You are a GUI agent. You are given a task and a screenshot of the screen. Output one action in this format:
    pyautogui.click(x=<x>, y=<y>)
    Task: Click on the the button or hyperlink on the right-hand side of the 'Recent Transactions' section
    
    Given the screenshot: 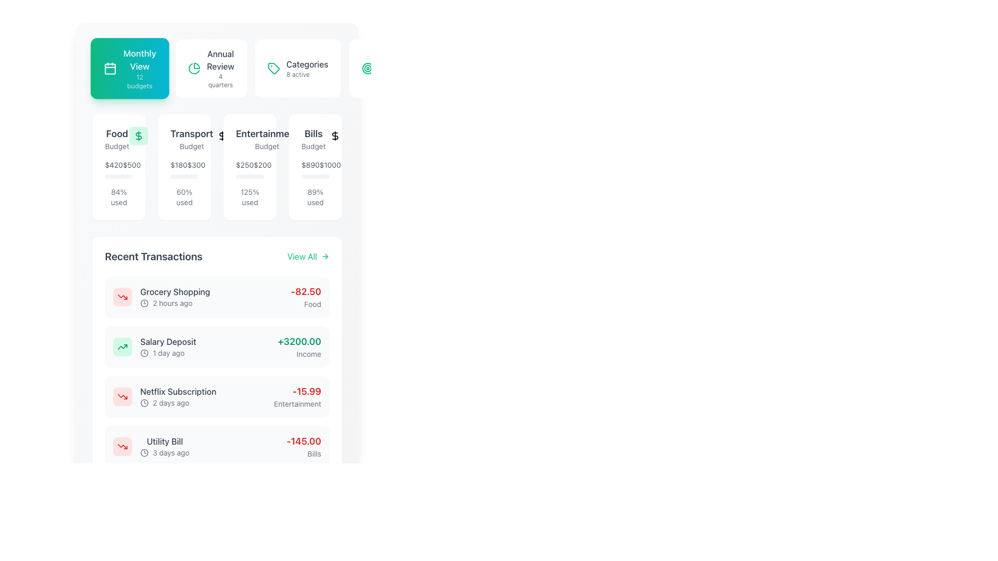 What is the action you would take?
    pyautogui.click(x=308, y=256)
    